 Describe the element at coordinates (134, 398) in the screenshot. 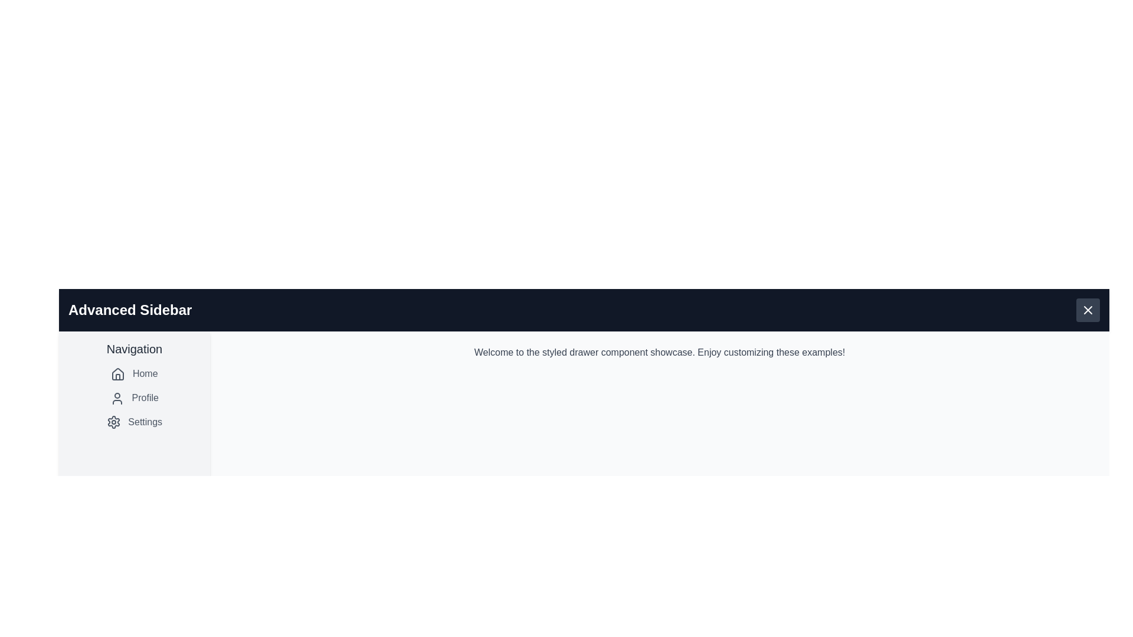

I see `the 'Profile' link in the vertical navigation menu located on the left sidebar` at that location.